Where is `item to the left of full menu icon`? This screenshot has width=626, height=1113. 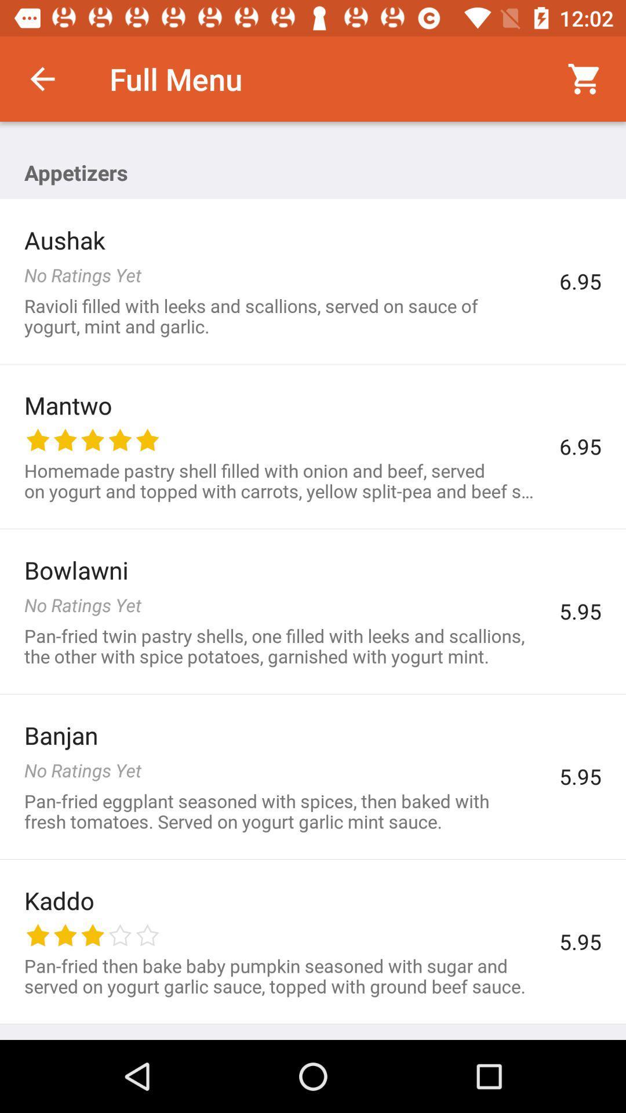 item to the left of full menu icon is located at coordinates (42, 78).